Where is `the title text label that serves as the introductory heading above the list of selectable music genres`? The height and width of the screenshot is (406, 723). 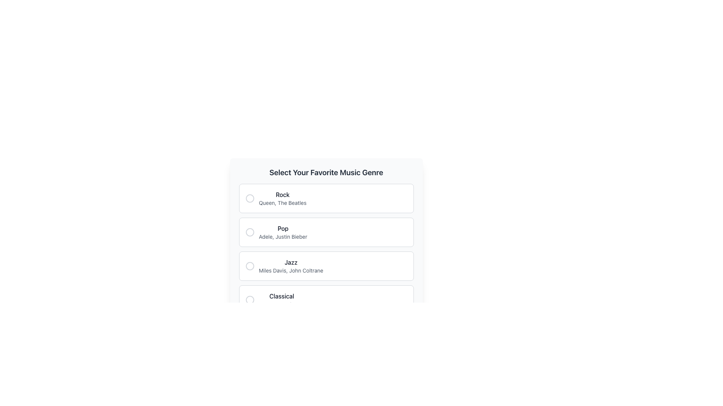
the title text label that serves as the introductory heading above the list of selectable music genres is located at coordinates (326, 173).